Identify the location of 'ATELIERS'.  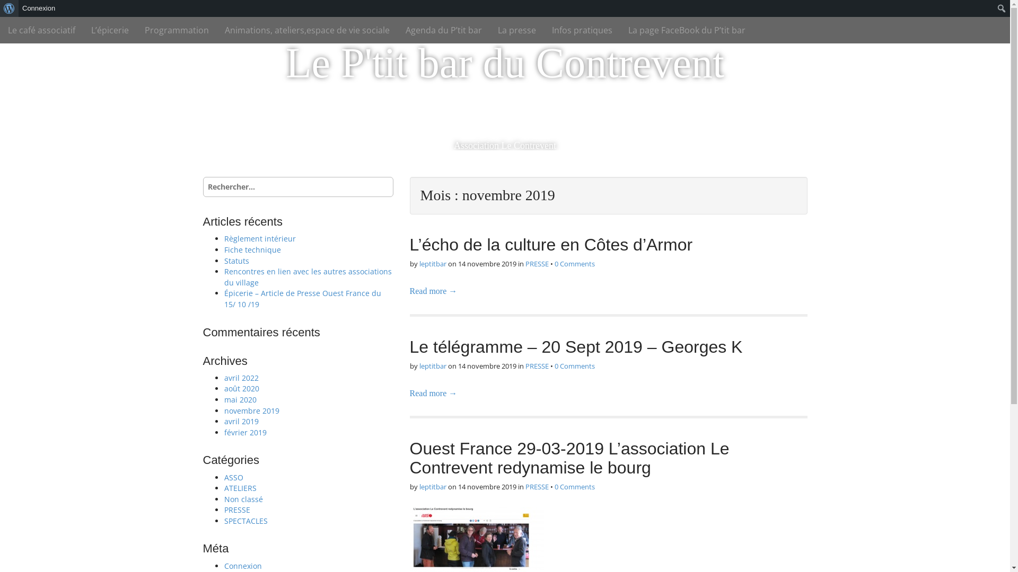
(223, 488).